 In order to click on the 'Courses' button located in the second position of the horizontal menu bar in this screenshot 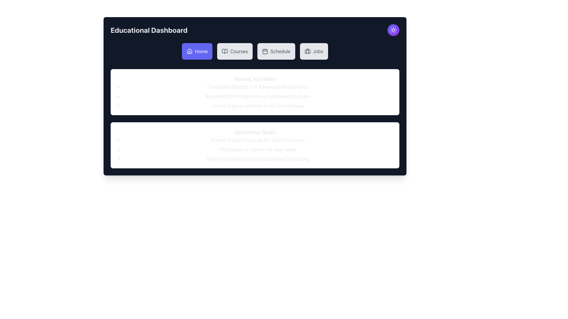, I will do `click(235, 51)`.